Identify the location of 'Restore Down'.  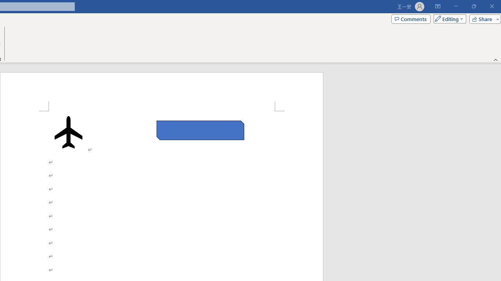
(473, 6).